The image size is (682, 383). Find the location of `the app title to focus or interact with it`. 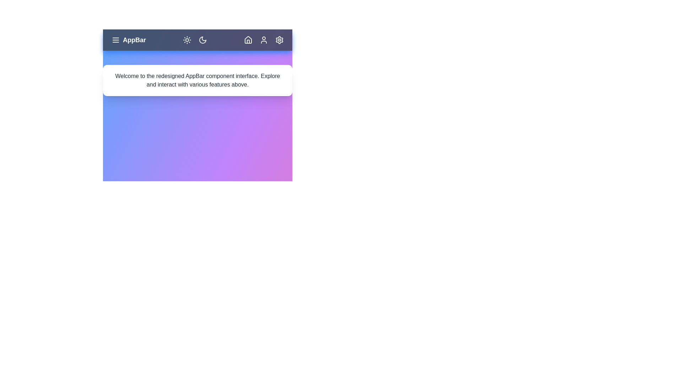

the app title to focus or interact with it is located at coordinates (128, 40).